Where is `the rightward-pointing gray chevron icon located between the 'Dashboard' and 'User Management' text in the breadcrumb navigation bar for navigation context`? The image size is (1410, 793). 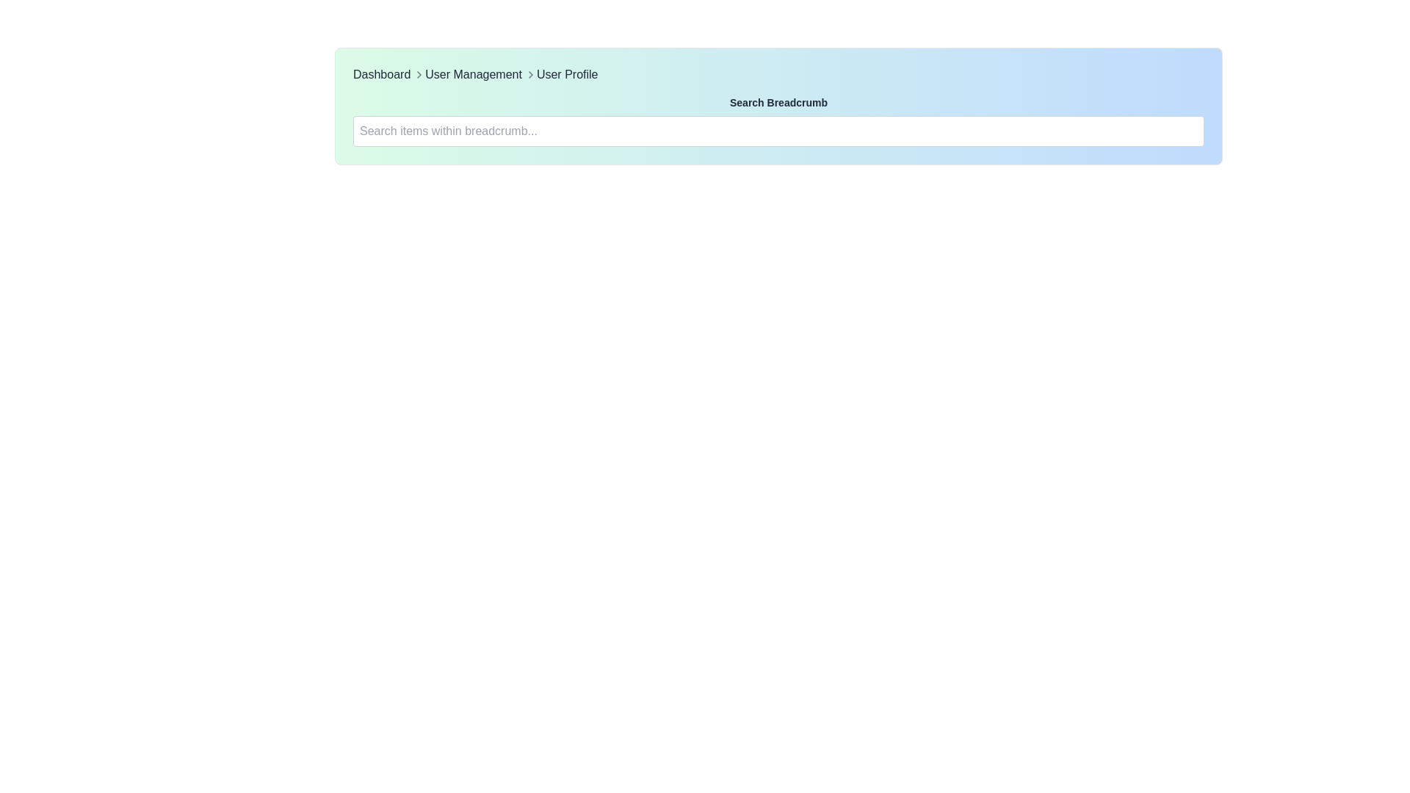 the rightward-pointing gray chevron icon located between the 'Dashboard' and 'User Management' text in the breadcrumb navigation bar for navigation context is located at coordinates (419, 74).